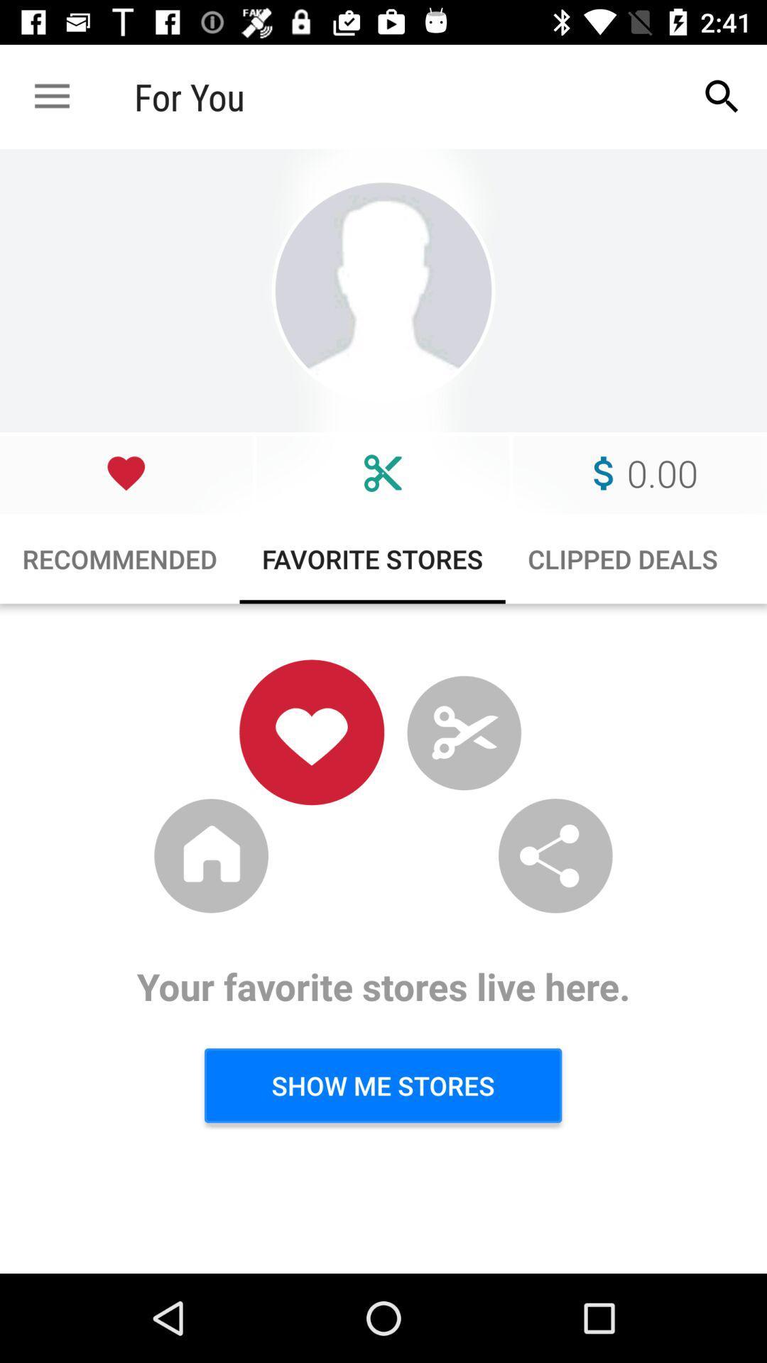 The width and height of the screenshot is (767, 1363). Describe the element at coordinates (383, 290) in the screenshot. I see `profile picture` at that location.